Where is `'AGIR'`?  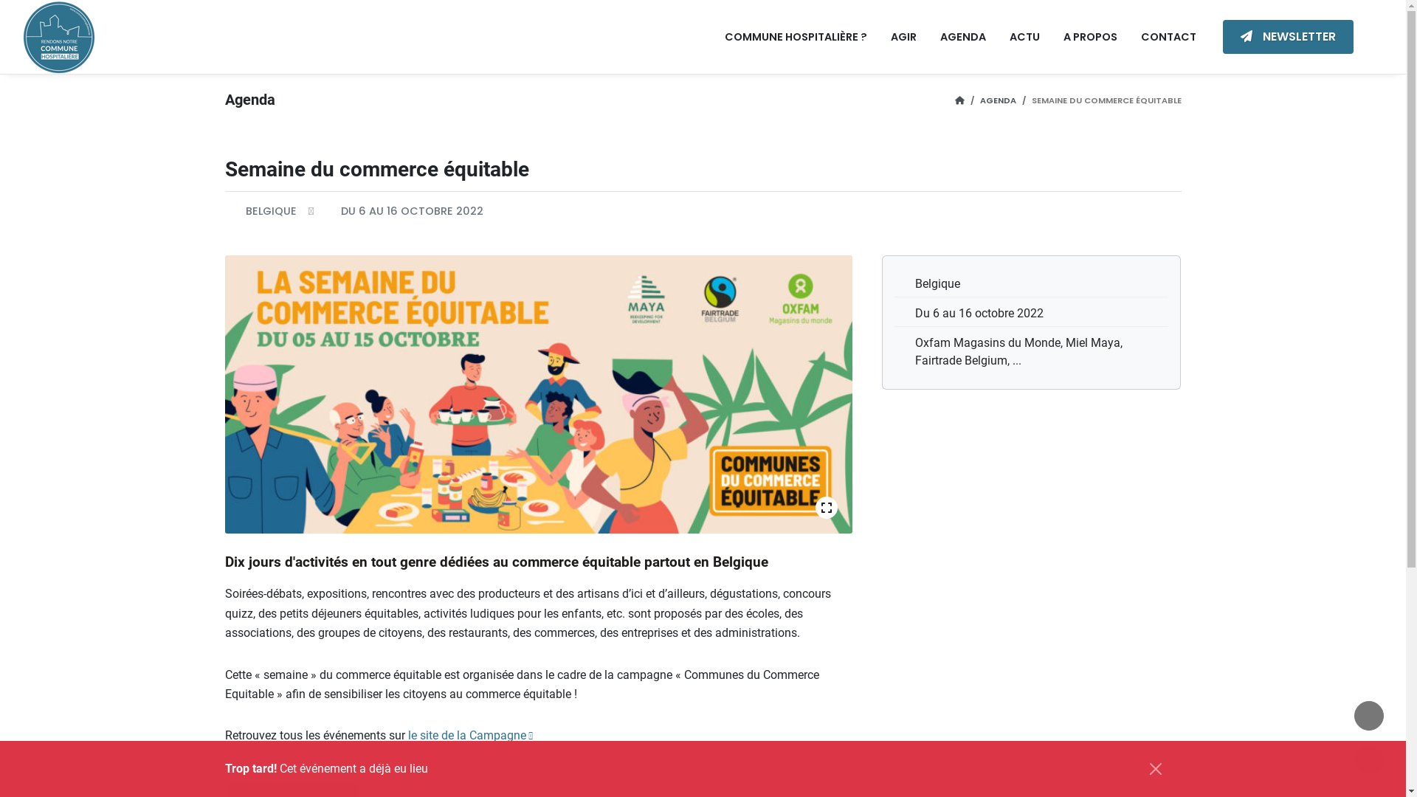 'AGIR' is located at coordinates (903, 36).